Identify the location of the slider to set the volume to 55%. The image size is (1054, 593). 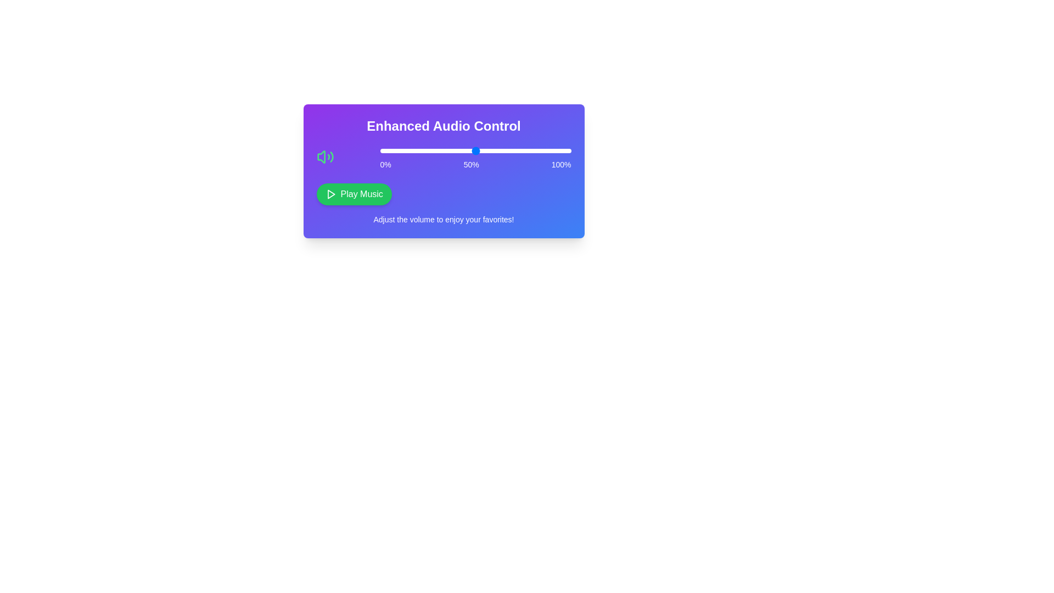
(484, 150).